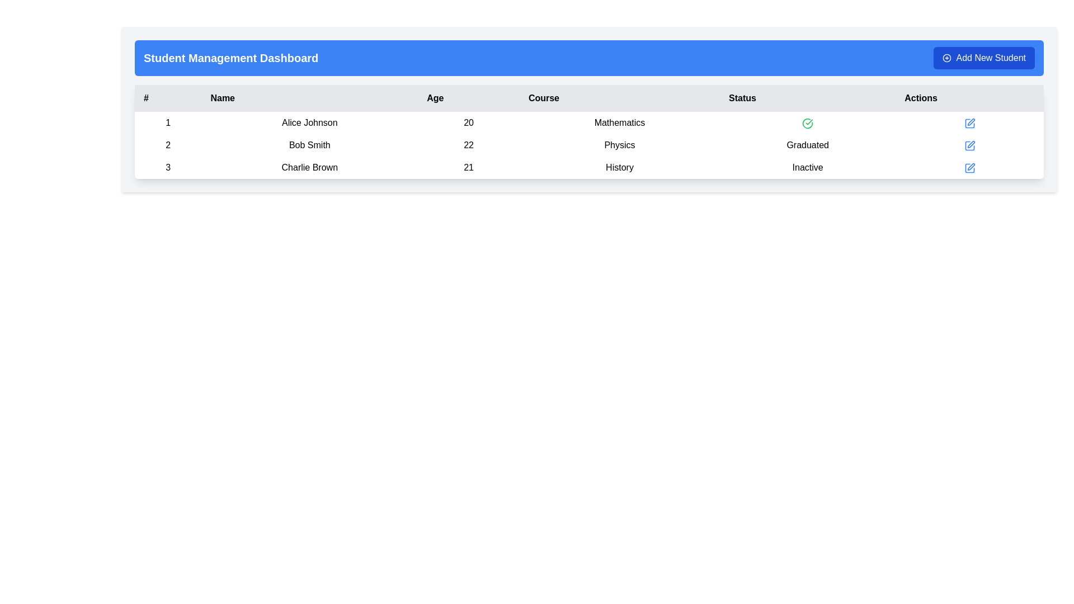 This screenshot has height=604, width=1074. Describe the element at coordinates (808, 123) in the screenshot. I see `the circular checkmark icon with a green border located in the 'Status' column of the first row in the table` at that location.